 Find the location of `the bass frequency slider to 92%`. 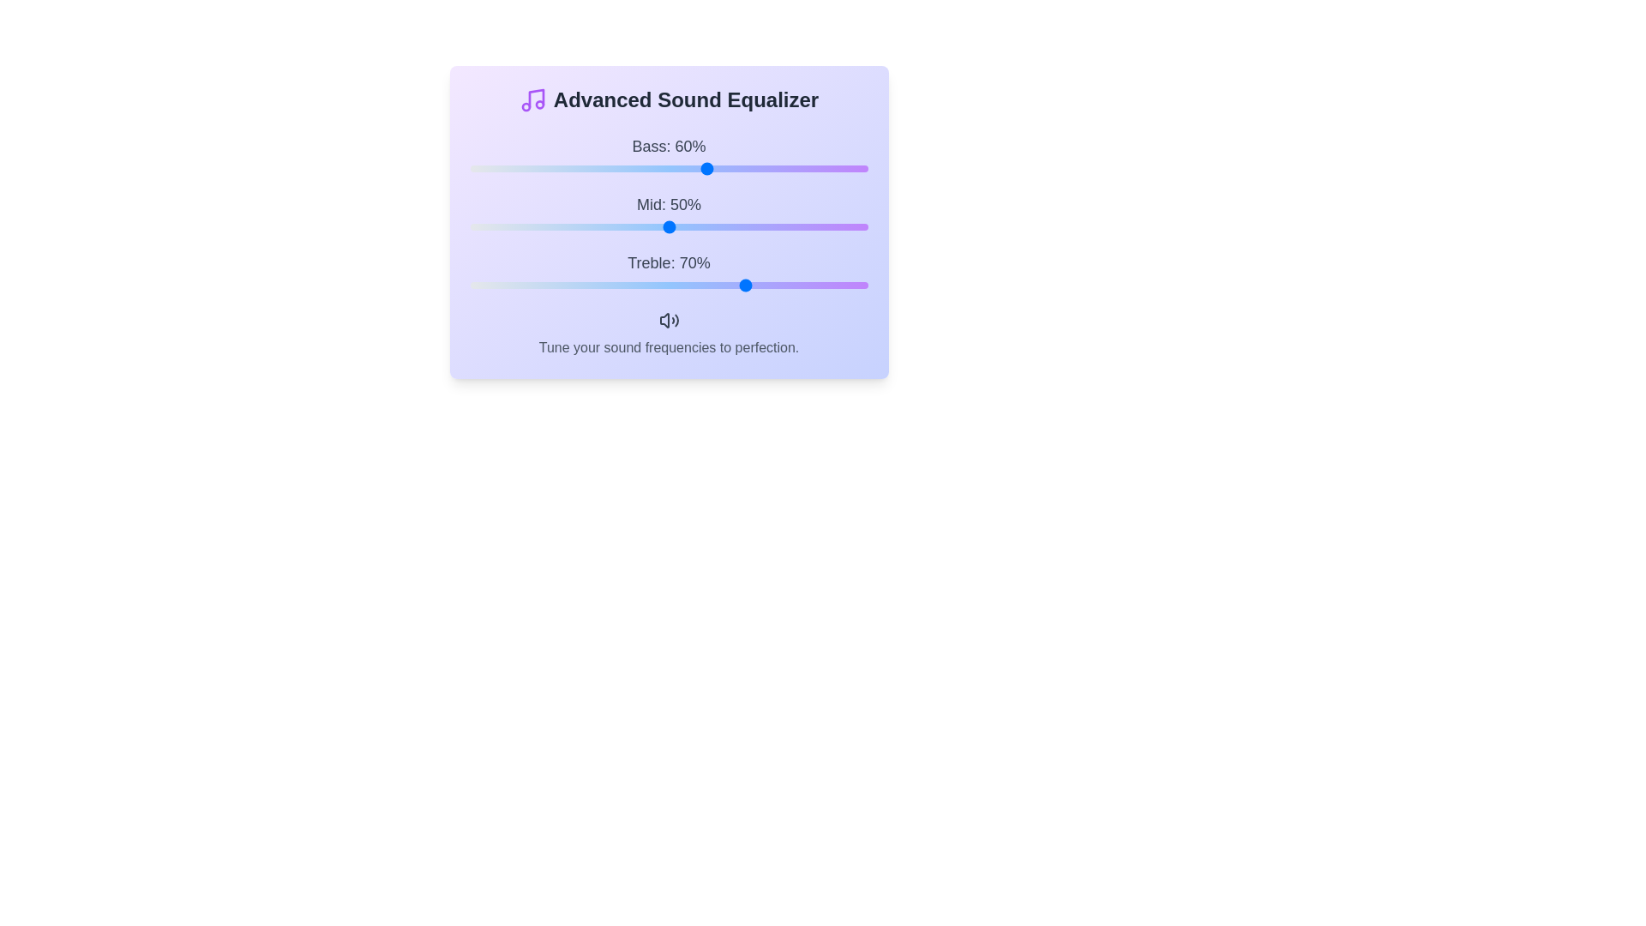

the bass frequency slider to 92% is located at coordinates (836, 168).